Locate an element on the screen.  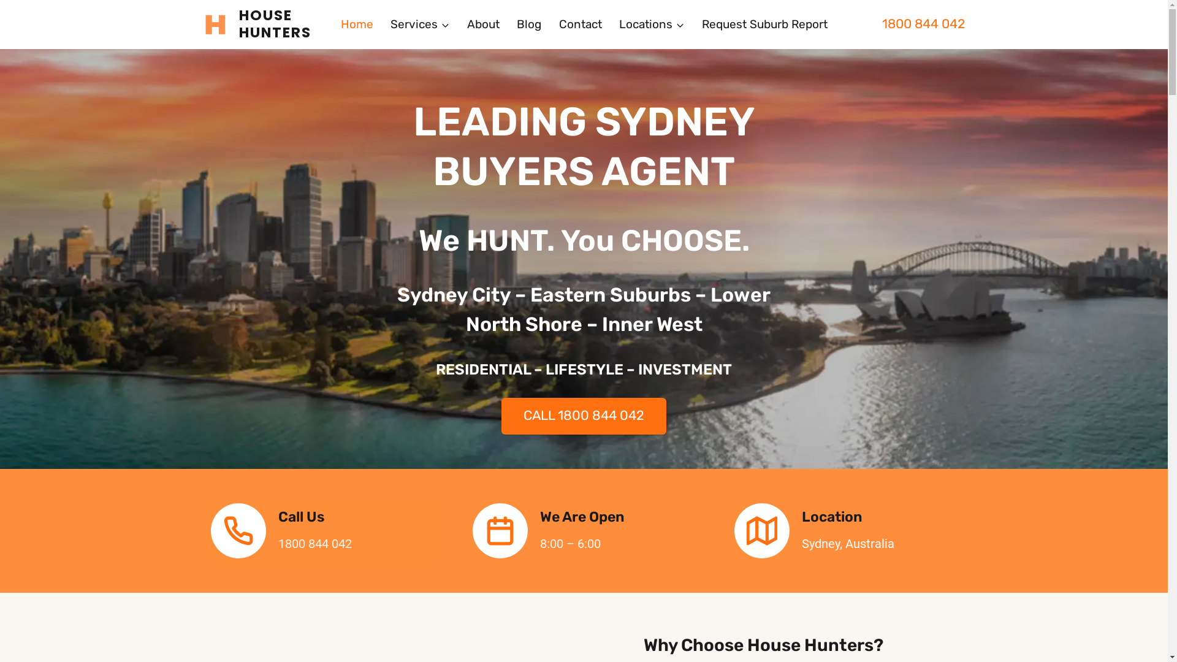
'About' is located at coordinates (482, 24).